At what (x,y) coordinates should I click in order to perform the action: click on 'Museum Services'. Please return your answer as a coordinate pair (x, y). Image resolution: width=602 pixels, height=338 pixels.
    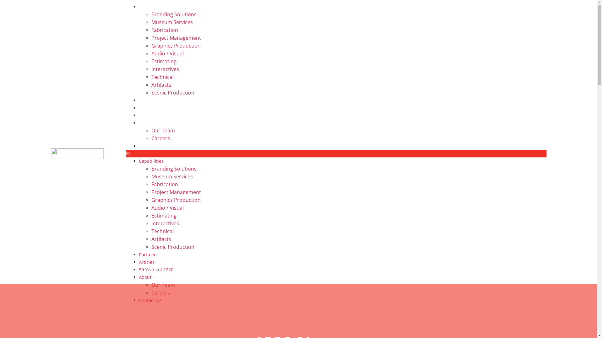
    Looking at the image, I should click on (172, 22).